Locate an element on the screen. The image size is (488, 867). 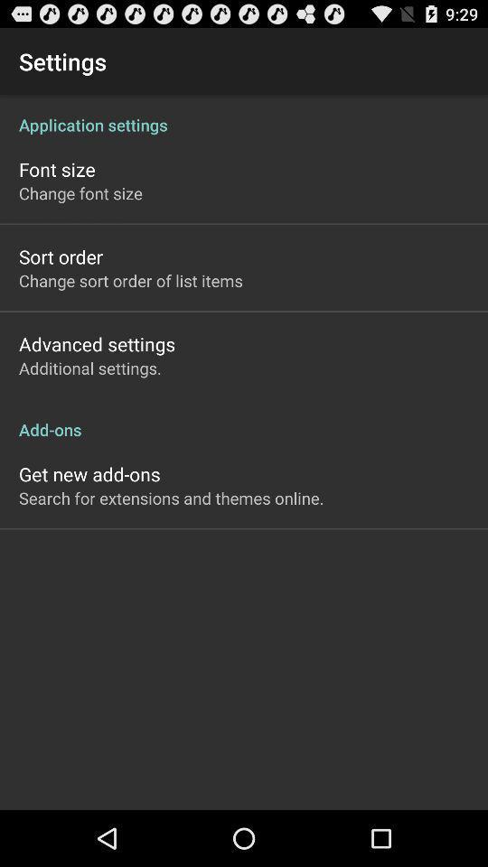
item above the additional settings. icon is located at coordinates (97, 343).